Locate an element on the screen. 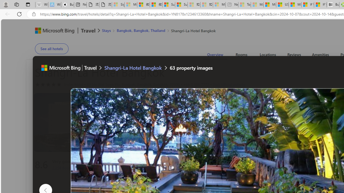  'US Heat Deaths Soared To Record High Last Year' is located at coordinates (282, 5).